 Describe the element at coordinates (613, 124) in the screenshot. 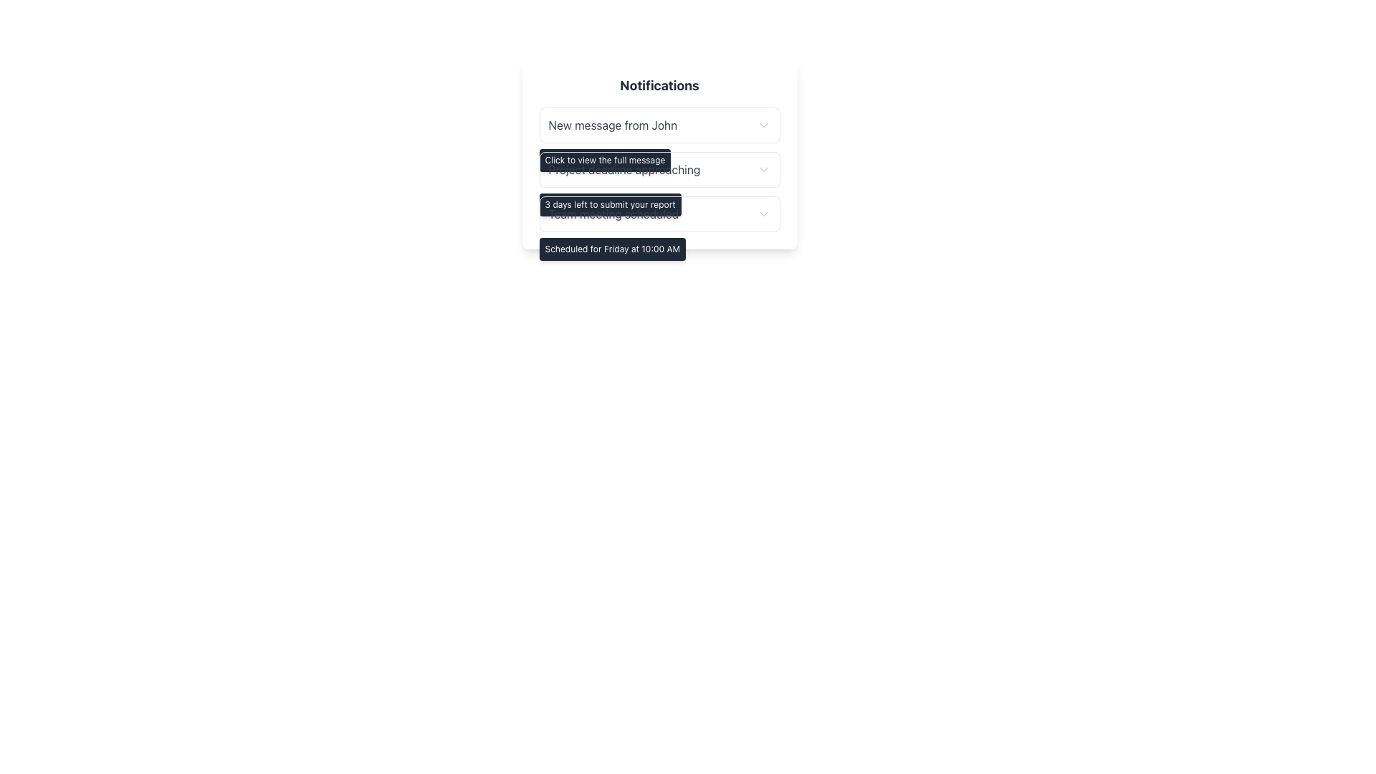

I see `the text snippet reading 'New message from John,' which is styled in gray and located at the top of the vertical list of notification entries` at that location.